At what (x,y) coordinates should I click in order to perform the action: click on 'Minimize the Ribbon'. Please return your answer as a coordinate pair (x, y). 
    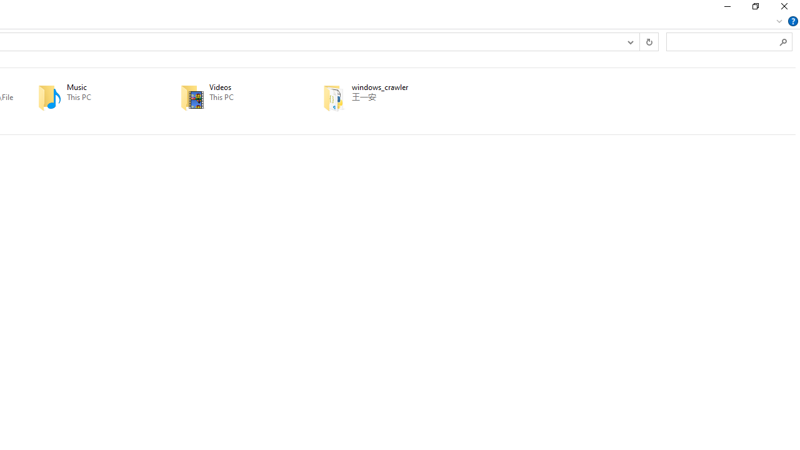
    Looking at the image, I should click on (779, 21).